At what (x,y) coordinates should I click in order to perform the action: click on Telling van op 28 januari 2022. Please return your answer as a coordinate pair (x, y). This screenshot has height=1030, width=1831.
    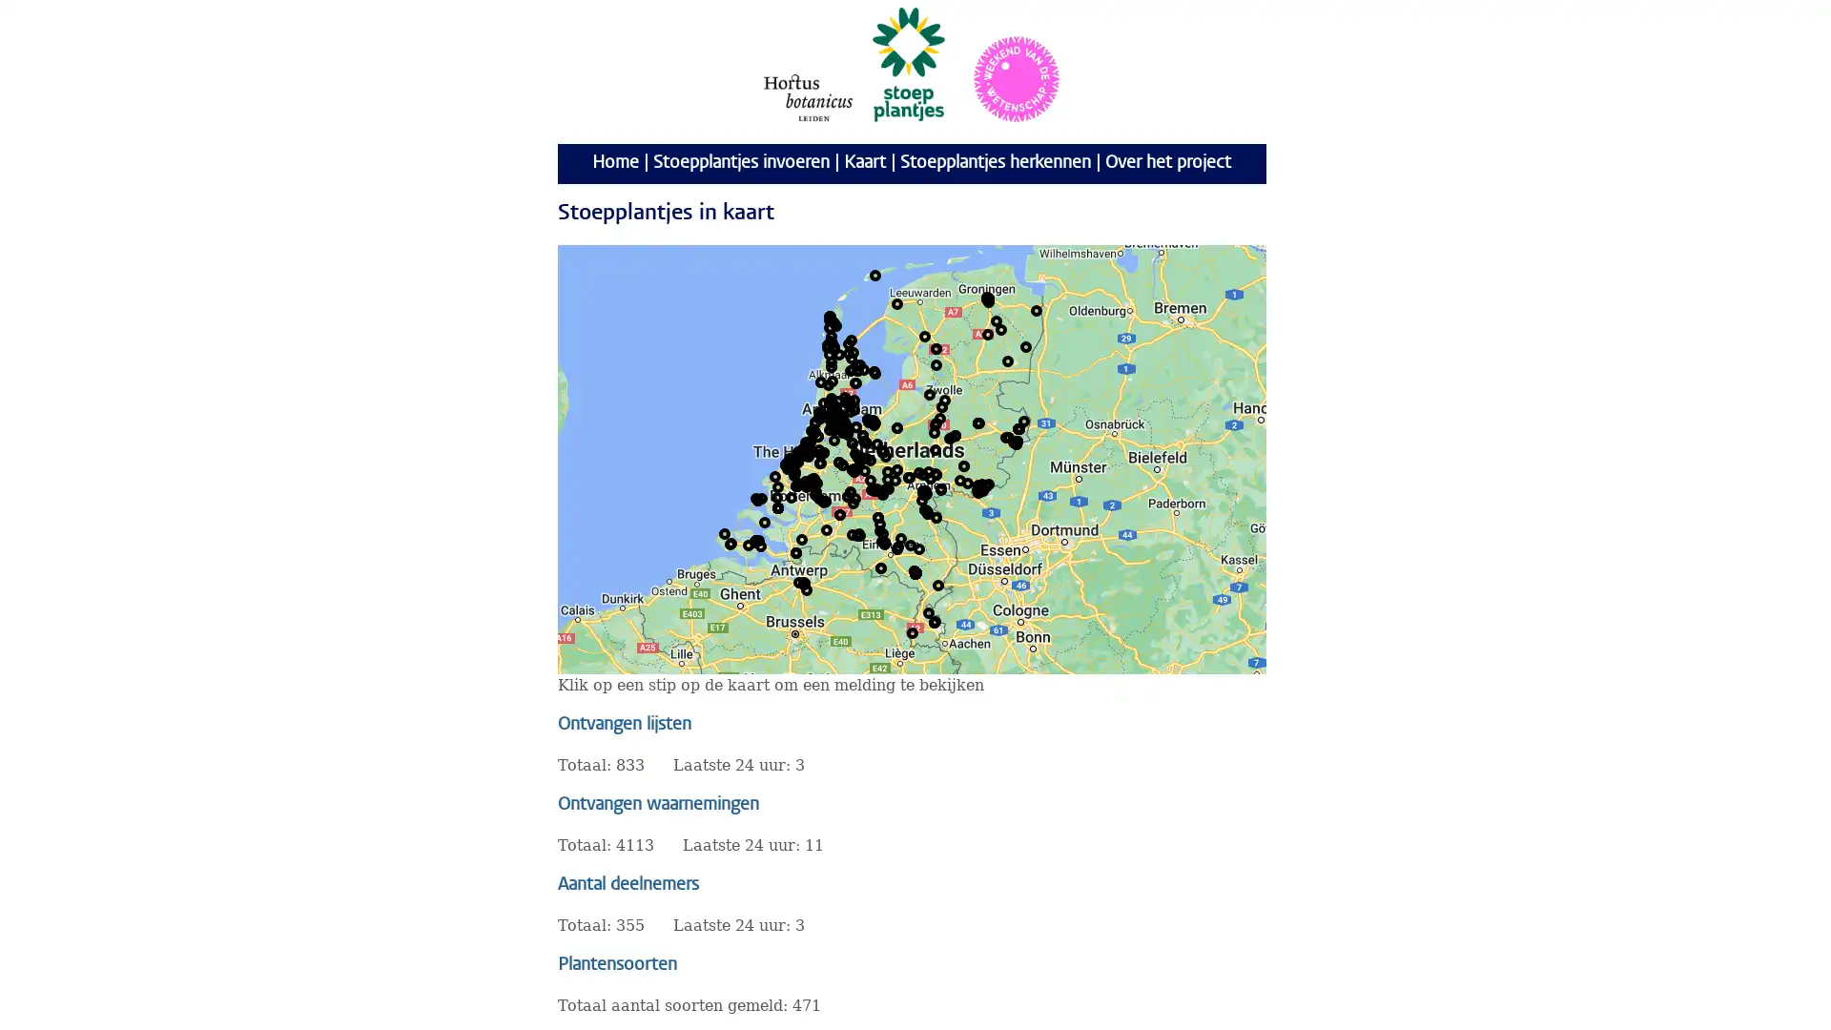
    Looking at the image, I should click on (855, 370).